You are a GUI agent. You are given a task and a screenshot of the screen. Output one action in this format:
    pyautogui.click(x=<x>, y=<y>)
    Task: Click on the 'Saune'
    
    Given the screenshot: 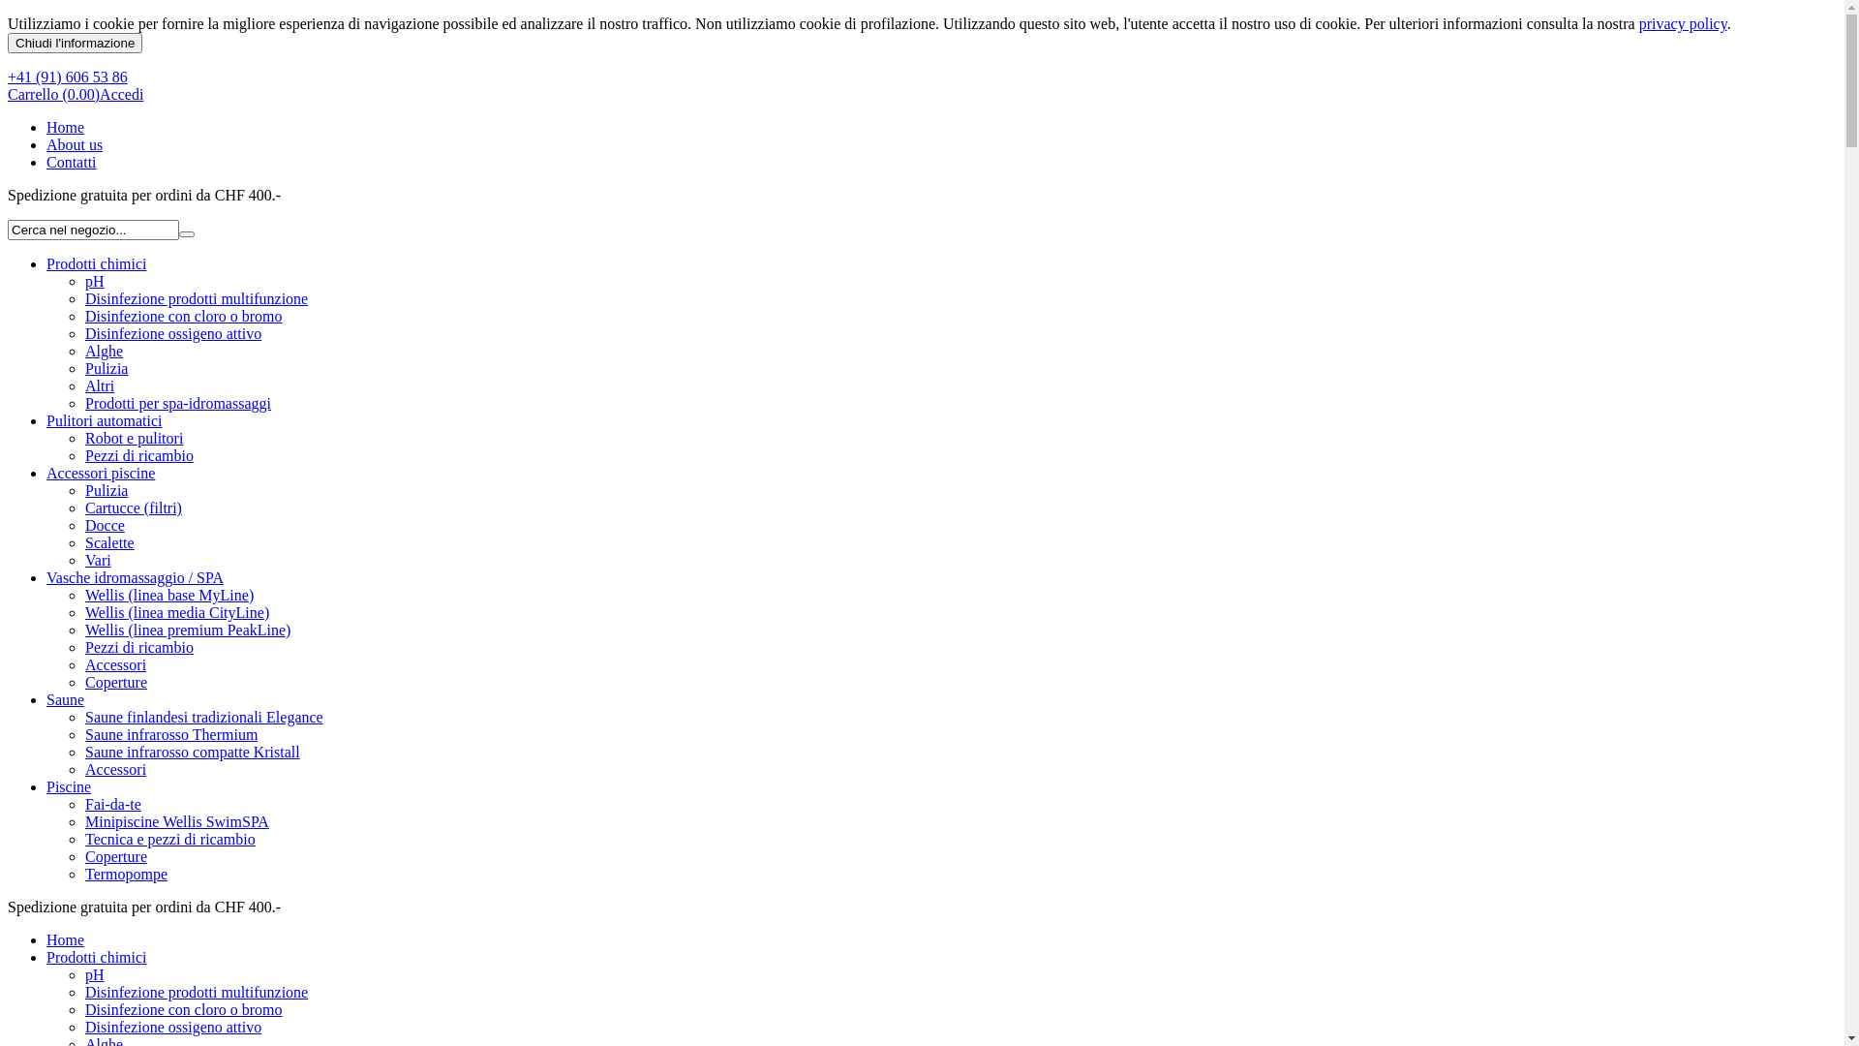 What is the action you would take?
    pyautogui.click(x=65, y=699)
    